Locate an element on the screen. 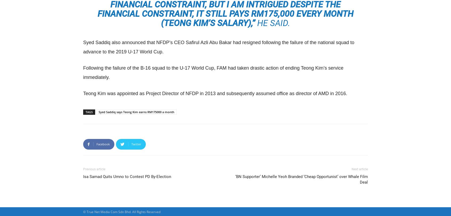 This screenshot has width=451, height=216. 'Following the failure of the B-16 squad to the U-17 World Cup, FAM had taken drastic action of ending Teong Kim’s service immediately.' is located at coordinates (83, 72).